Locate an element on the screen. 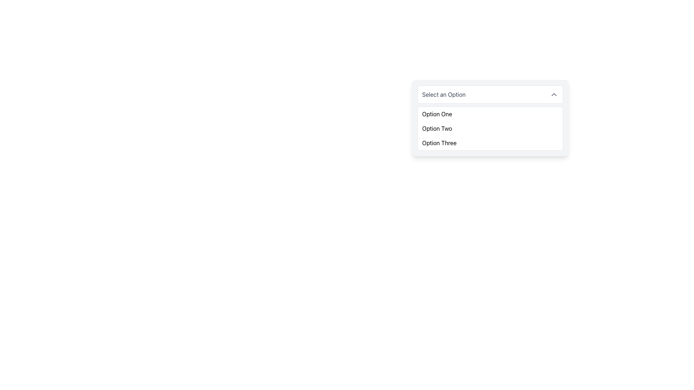 This screenshot has width=694, height=390. the second list item in the dropdown menu, which reads 'Option Two' is located at coordinates (490, 128).